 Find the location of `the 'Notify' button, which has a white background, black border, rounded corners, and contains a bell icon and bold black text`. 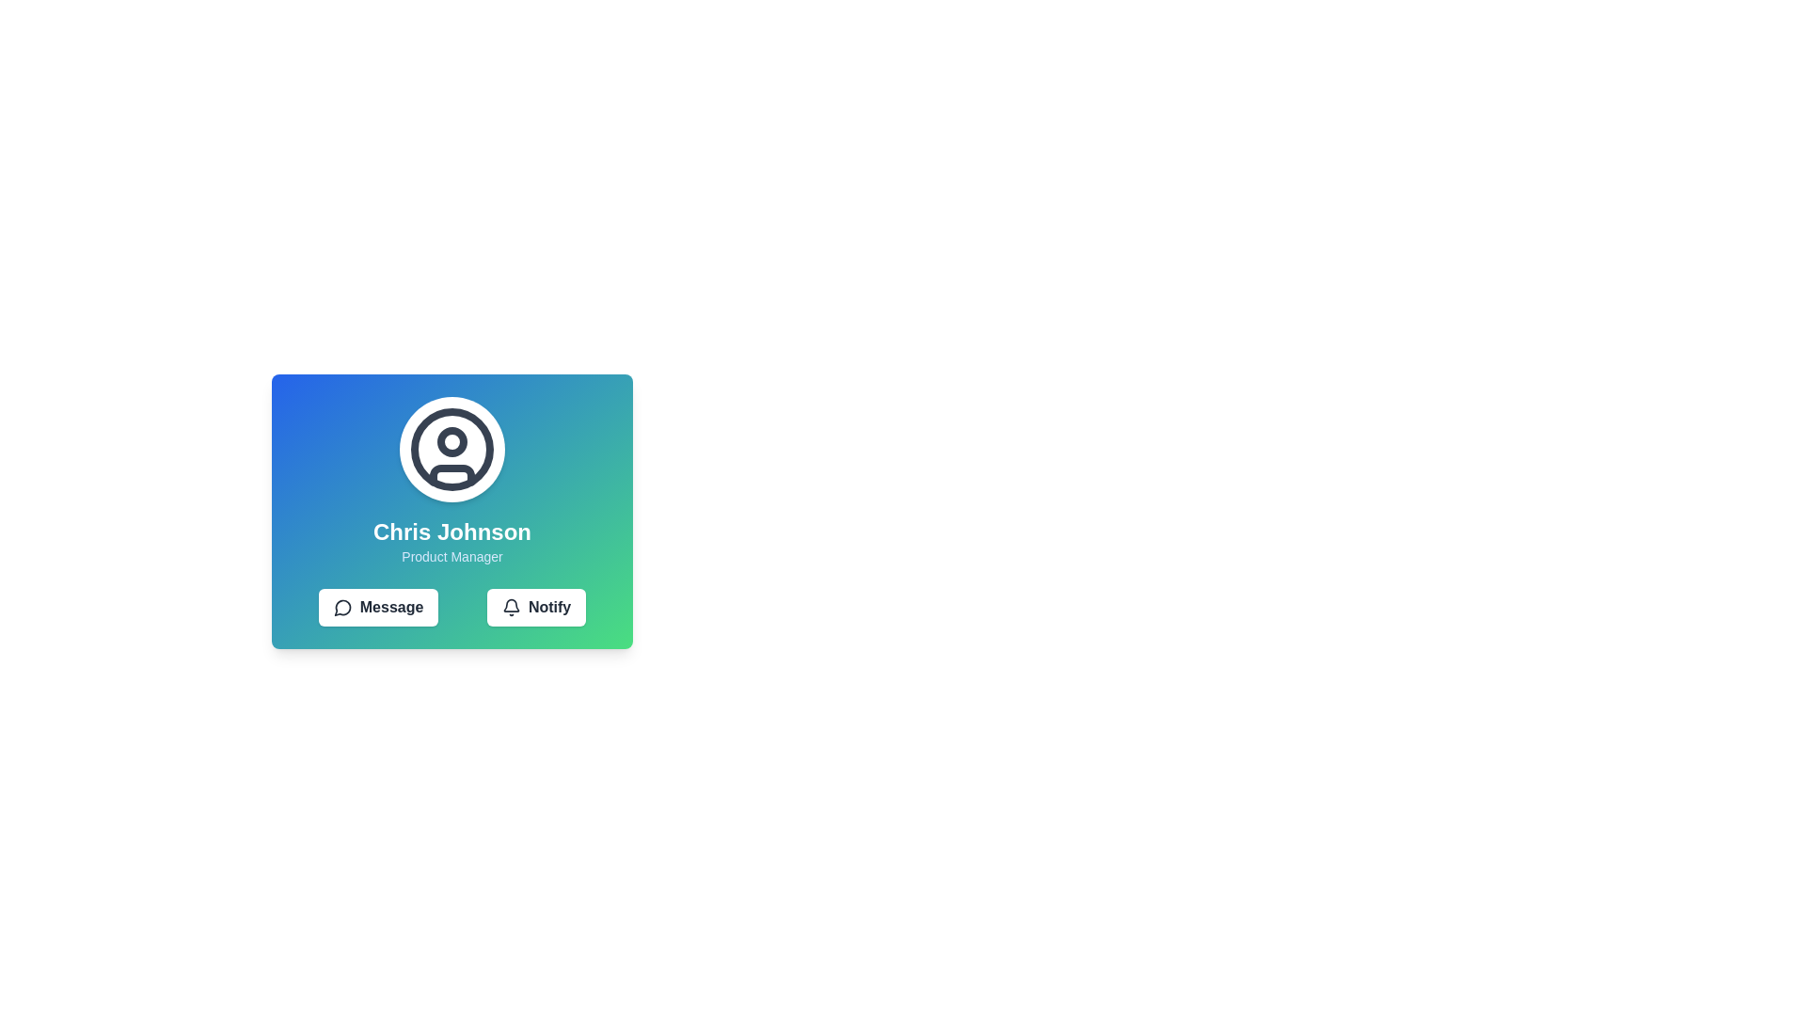

the 'Notify' button, which has a white background, black border, rounded corners, and contains a bell icon and bold black text is located at coordinates (535, 607).